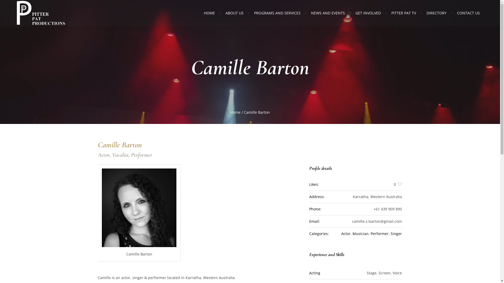  Describe the element at coordinates (209, 13) in the screenshot. I see `'HOME'` at that location.